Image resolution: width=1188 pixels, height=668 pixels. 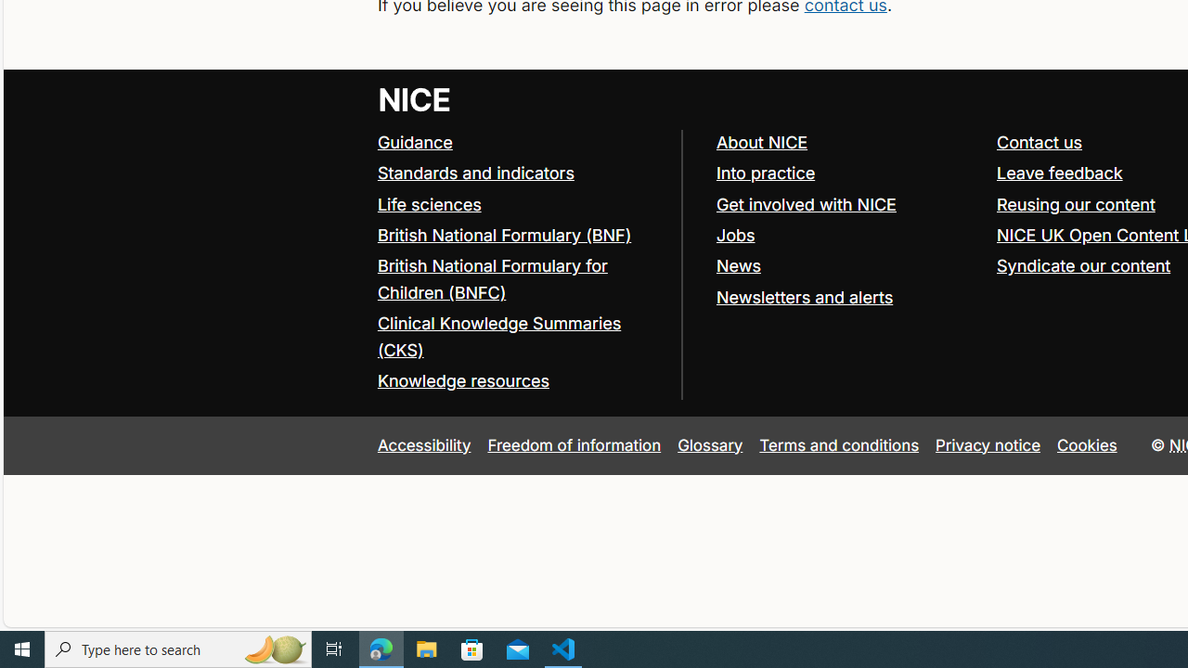 What do you see at coordinates (804, 296) in the screenshot?
I see `'Newsletters and alerts'` at bounding box center [804, 296].